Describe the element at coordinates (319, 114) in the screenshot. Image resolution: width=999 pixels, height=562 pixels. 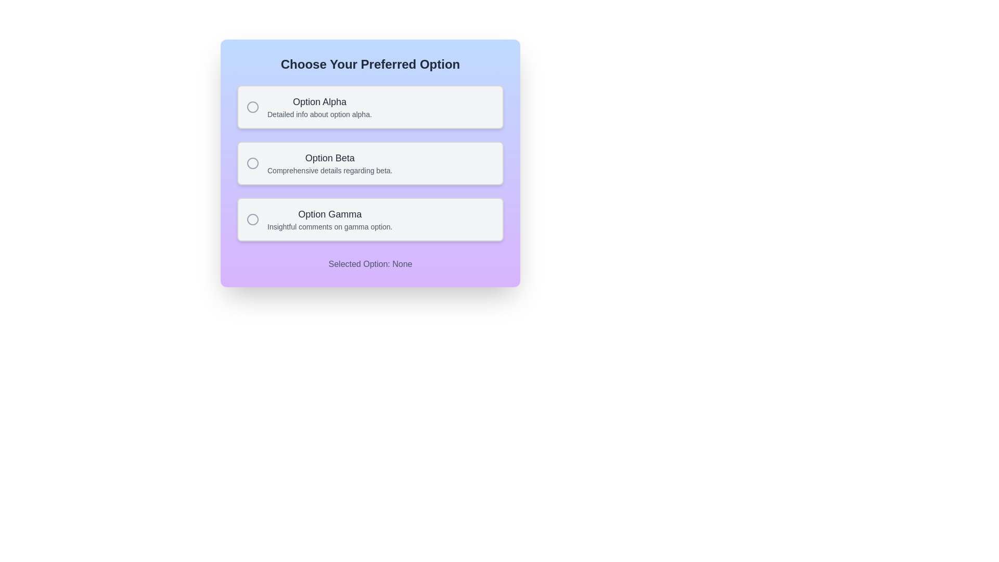
I see `the Text Label that provides additional information related to the 'Option Alpha' choice, located directly beneath the 'Option Alpha' text` at that location.